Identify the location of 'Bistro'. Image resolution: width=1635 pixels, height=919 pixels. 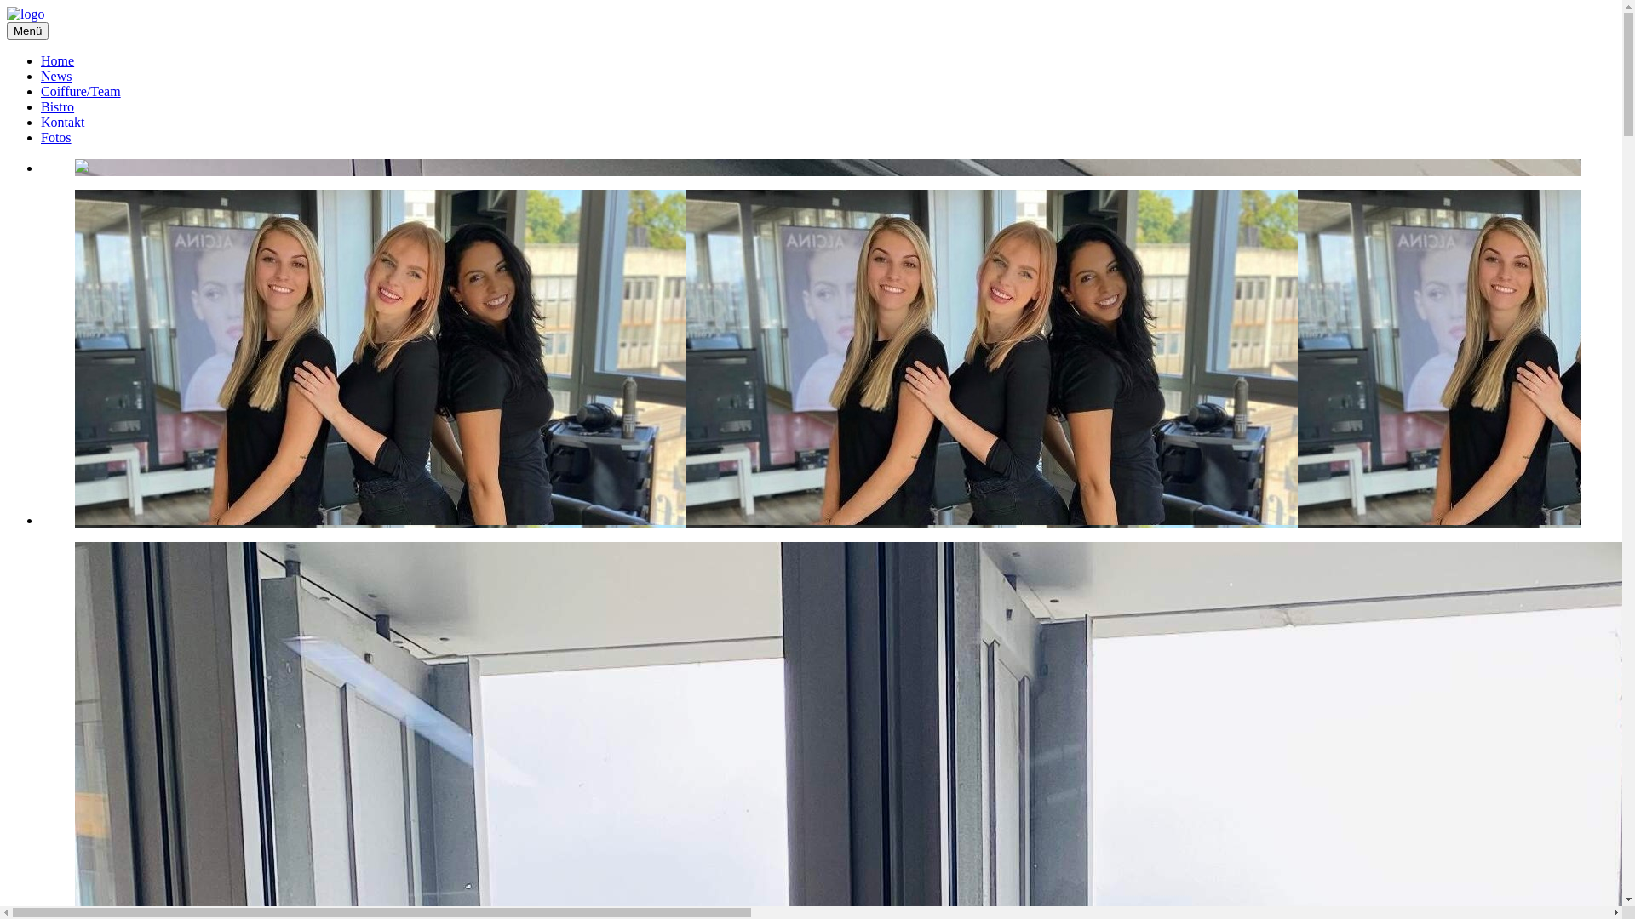
(57, 106).